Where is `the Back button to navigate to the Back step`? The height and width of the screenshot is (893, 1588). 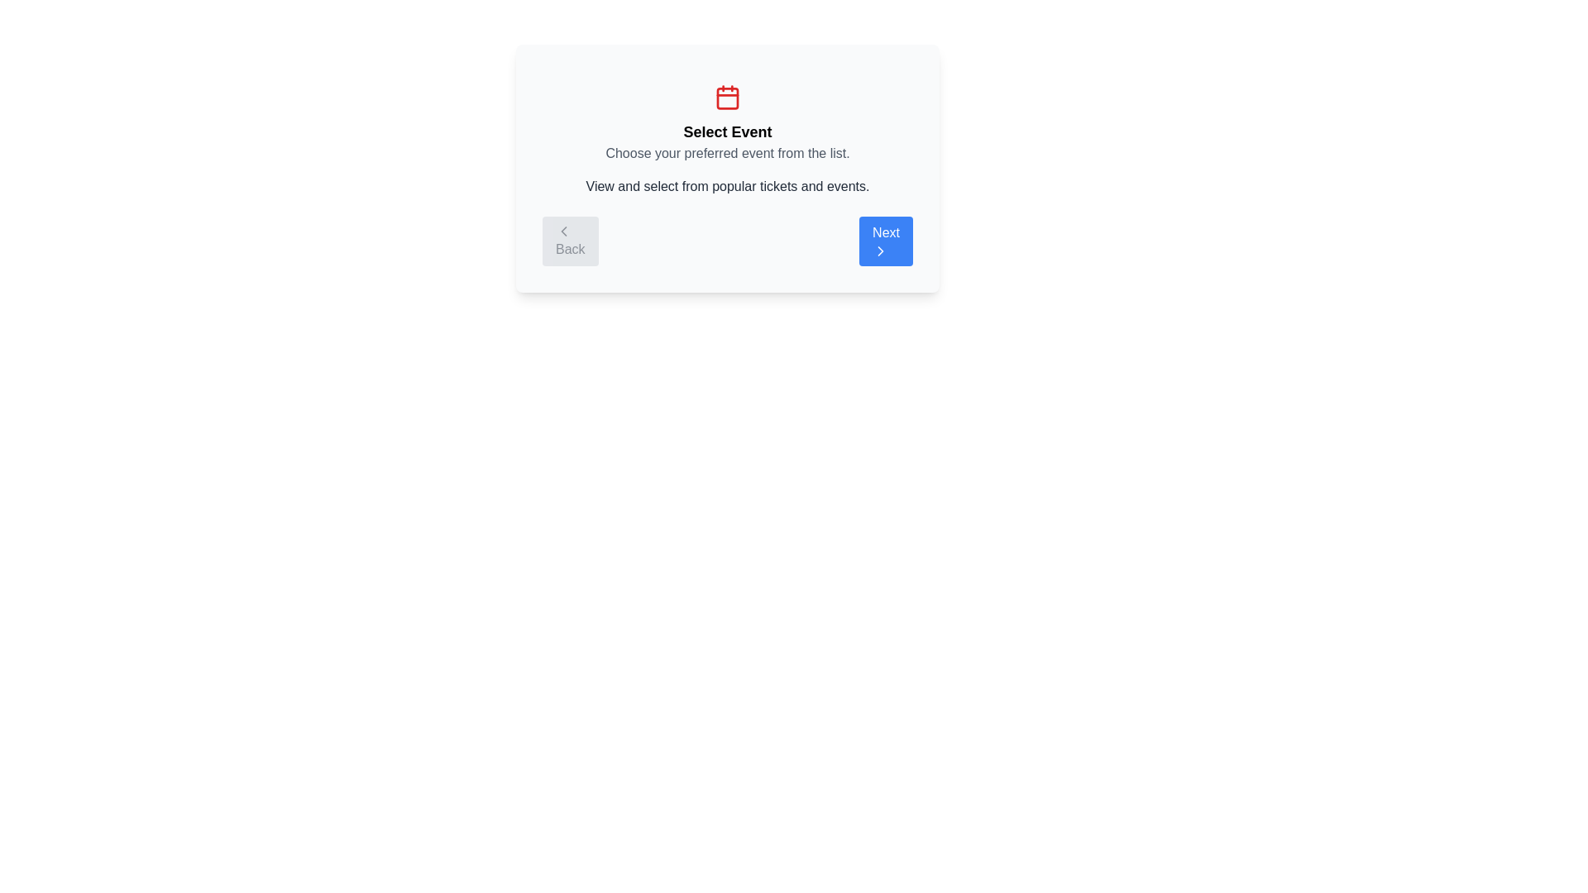
the Back button to navigate to the Back step is located at coordinates (570, 241).